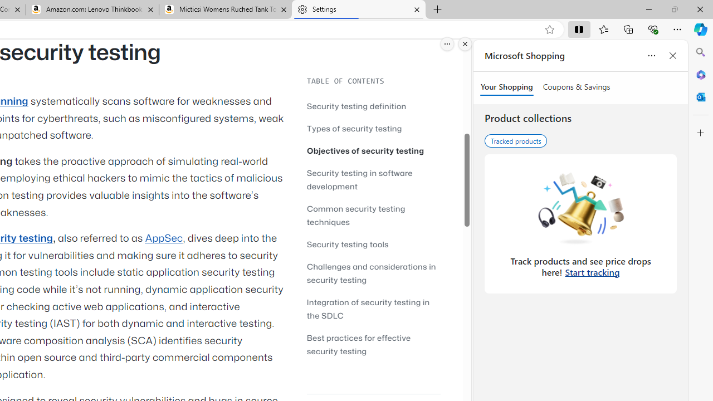 Image resolution: width=713 pixels, height=401 pixels. Describe the element at coordinates (373, 128) in the screenshot. I see `'Types of security testing'` at that location.